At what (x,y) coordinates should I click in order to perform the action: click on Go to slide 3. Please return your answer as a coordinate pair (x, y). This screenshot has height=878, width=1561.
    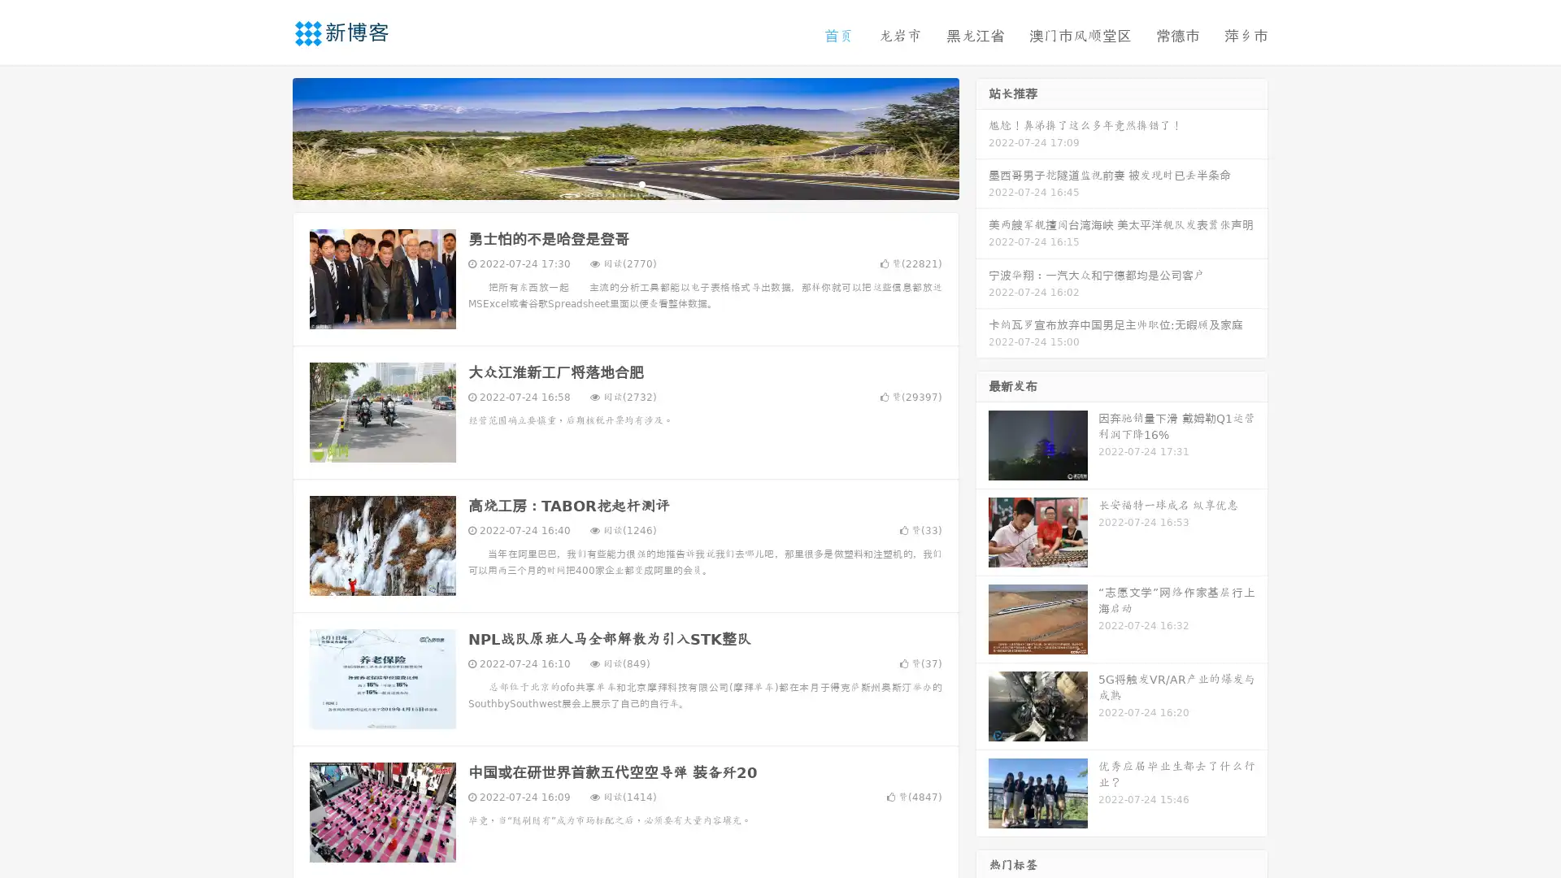
    Looking at the image, I should click on (641, 183).